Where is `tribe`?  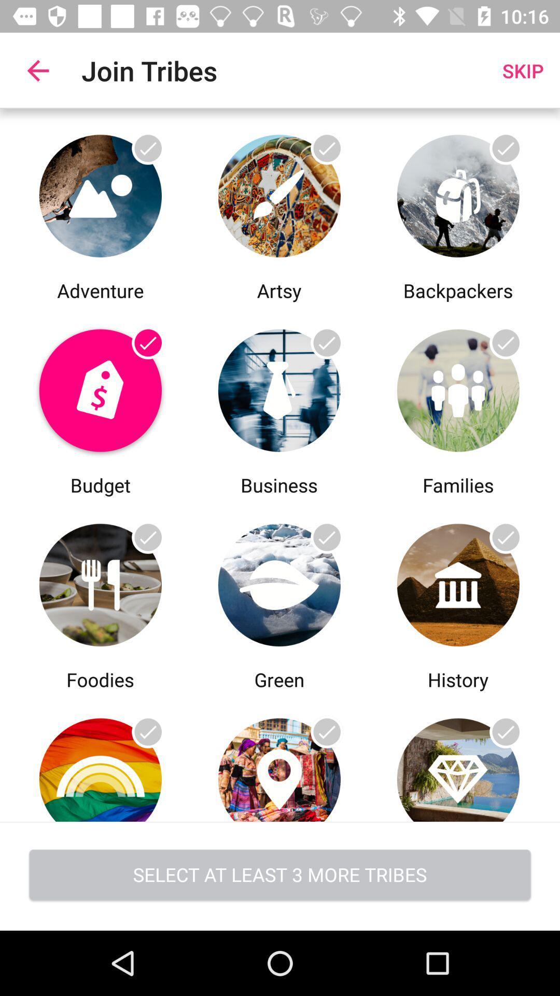 tribe is located at coordinates (278, 387).